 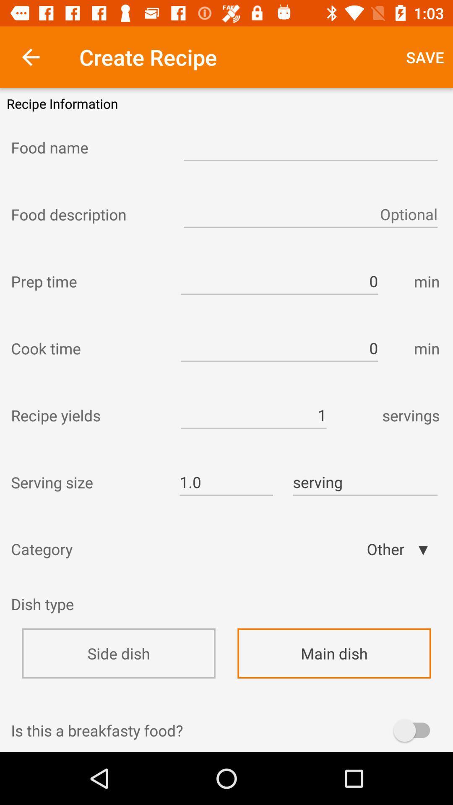 I want to click on the icon to the left of the 1.0, so click(x=87, y=482).